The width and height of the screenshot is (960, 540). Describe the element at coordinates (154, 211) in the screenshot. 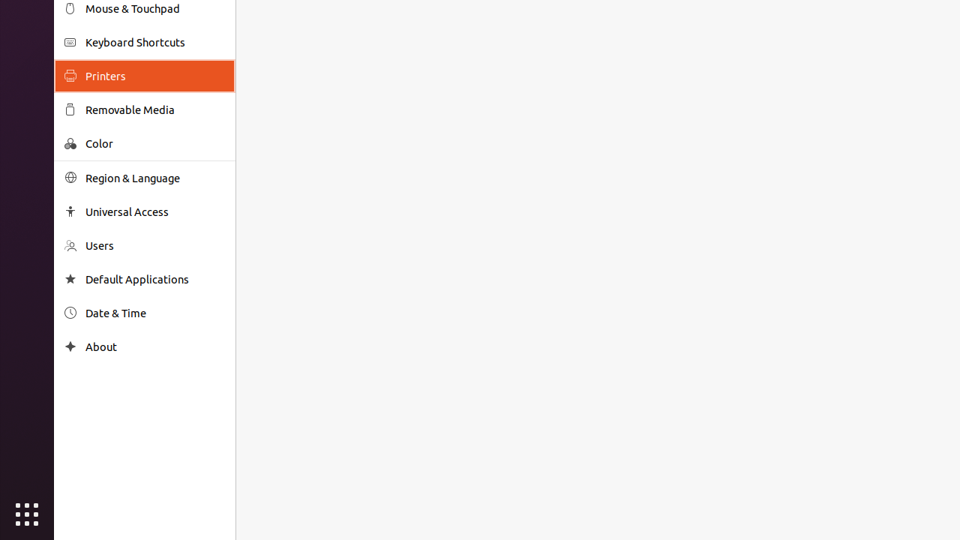

I see `'Universal Access'` at that location.